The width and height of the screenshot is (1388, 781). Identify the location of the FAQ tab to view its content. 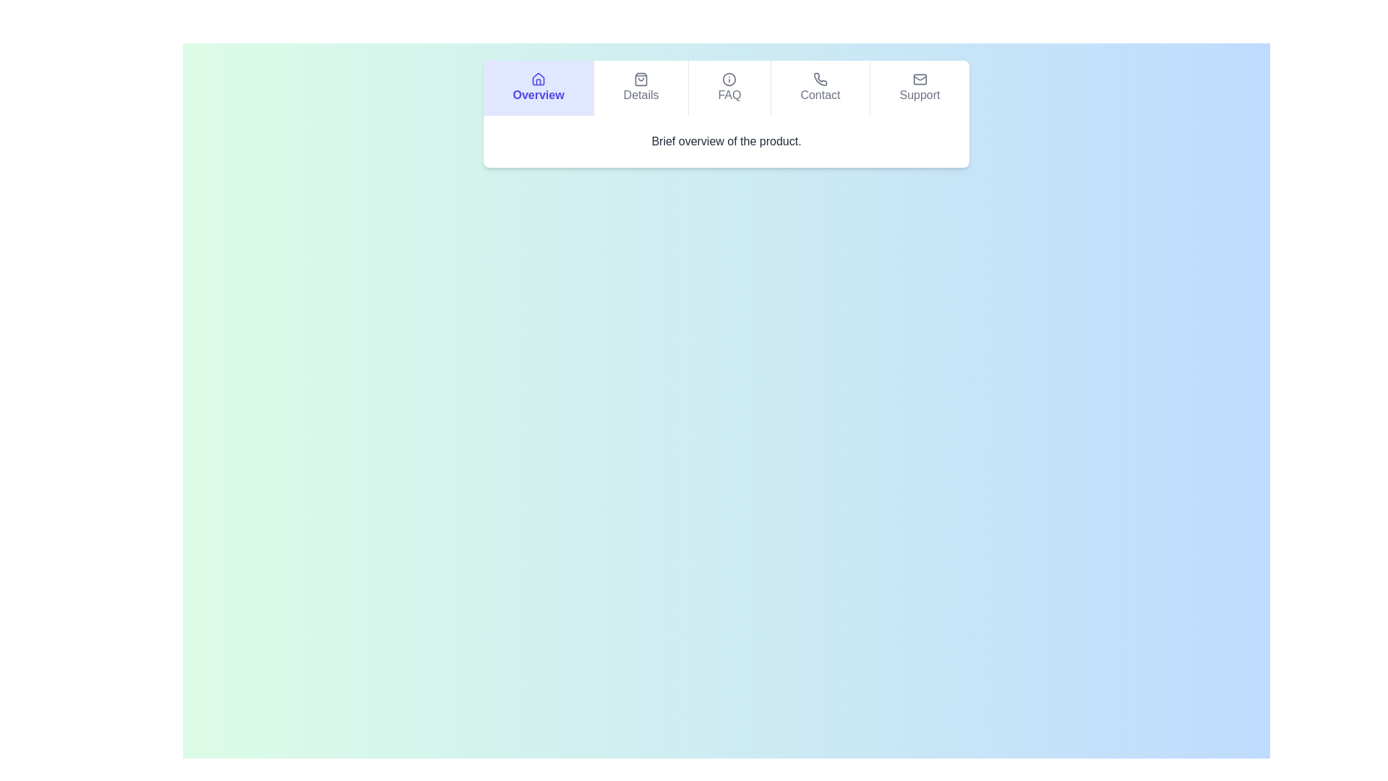
(729, 88).